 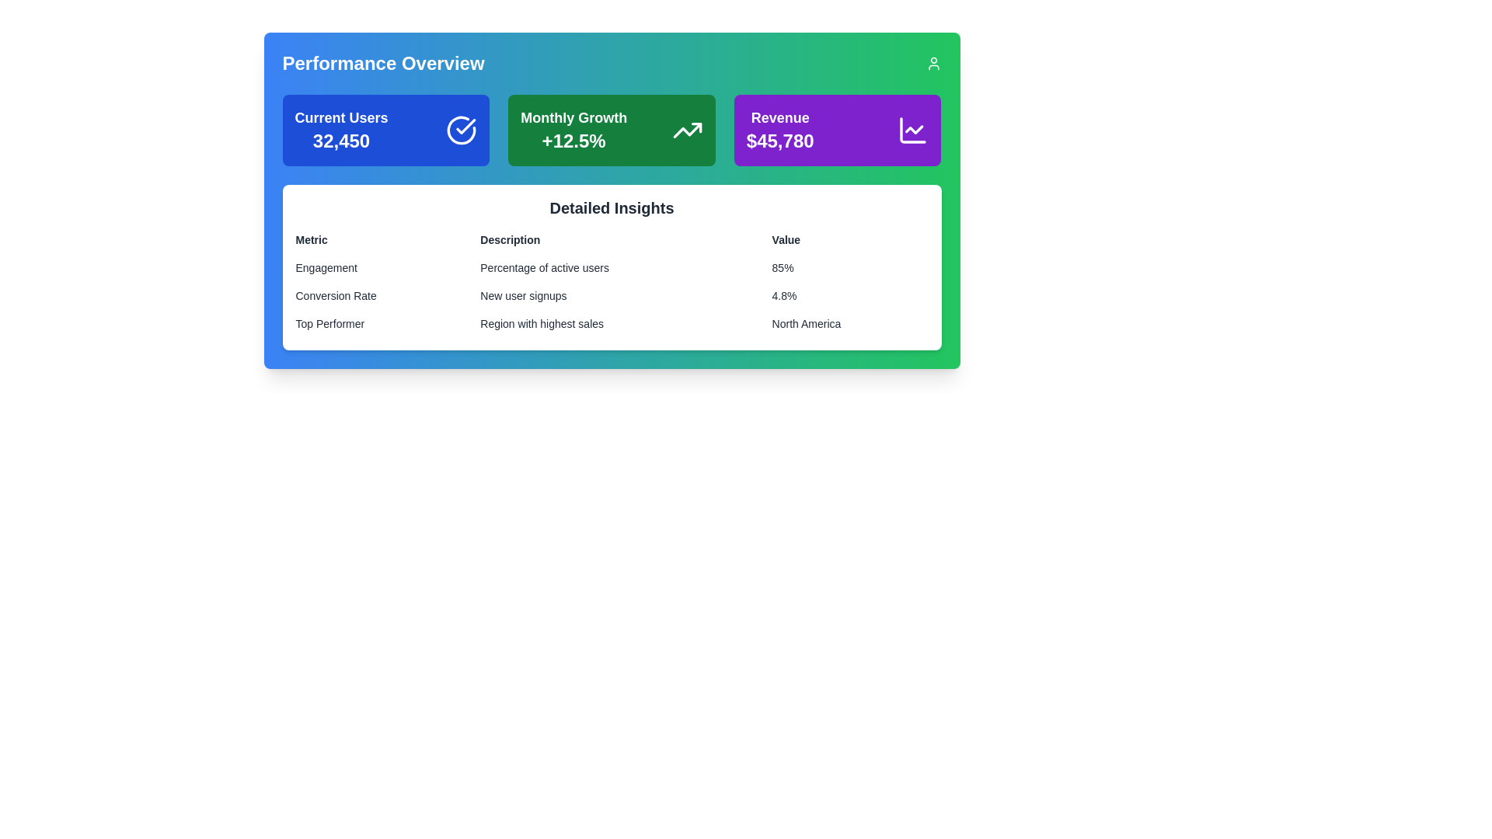 I want to click on the user icon, which is a minimalist SVG graphic with a circular head and semi-circular body, located in the top-right corner of the interface, so click(x=932, y=62).